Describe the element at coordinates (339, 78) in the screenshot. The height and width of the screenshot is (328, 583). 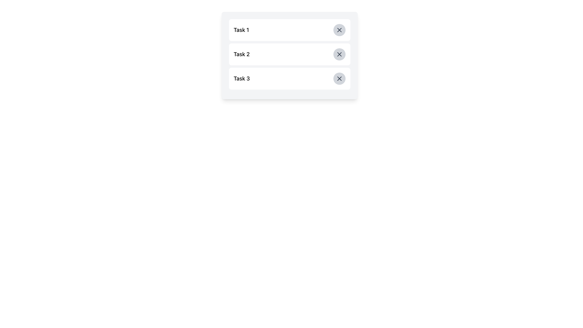
I see `the circular button with a gray background and a cross-shaped icon in the center, located in the 'Task 3' row` at that location.